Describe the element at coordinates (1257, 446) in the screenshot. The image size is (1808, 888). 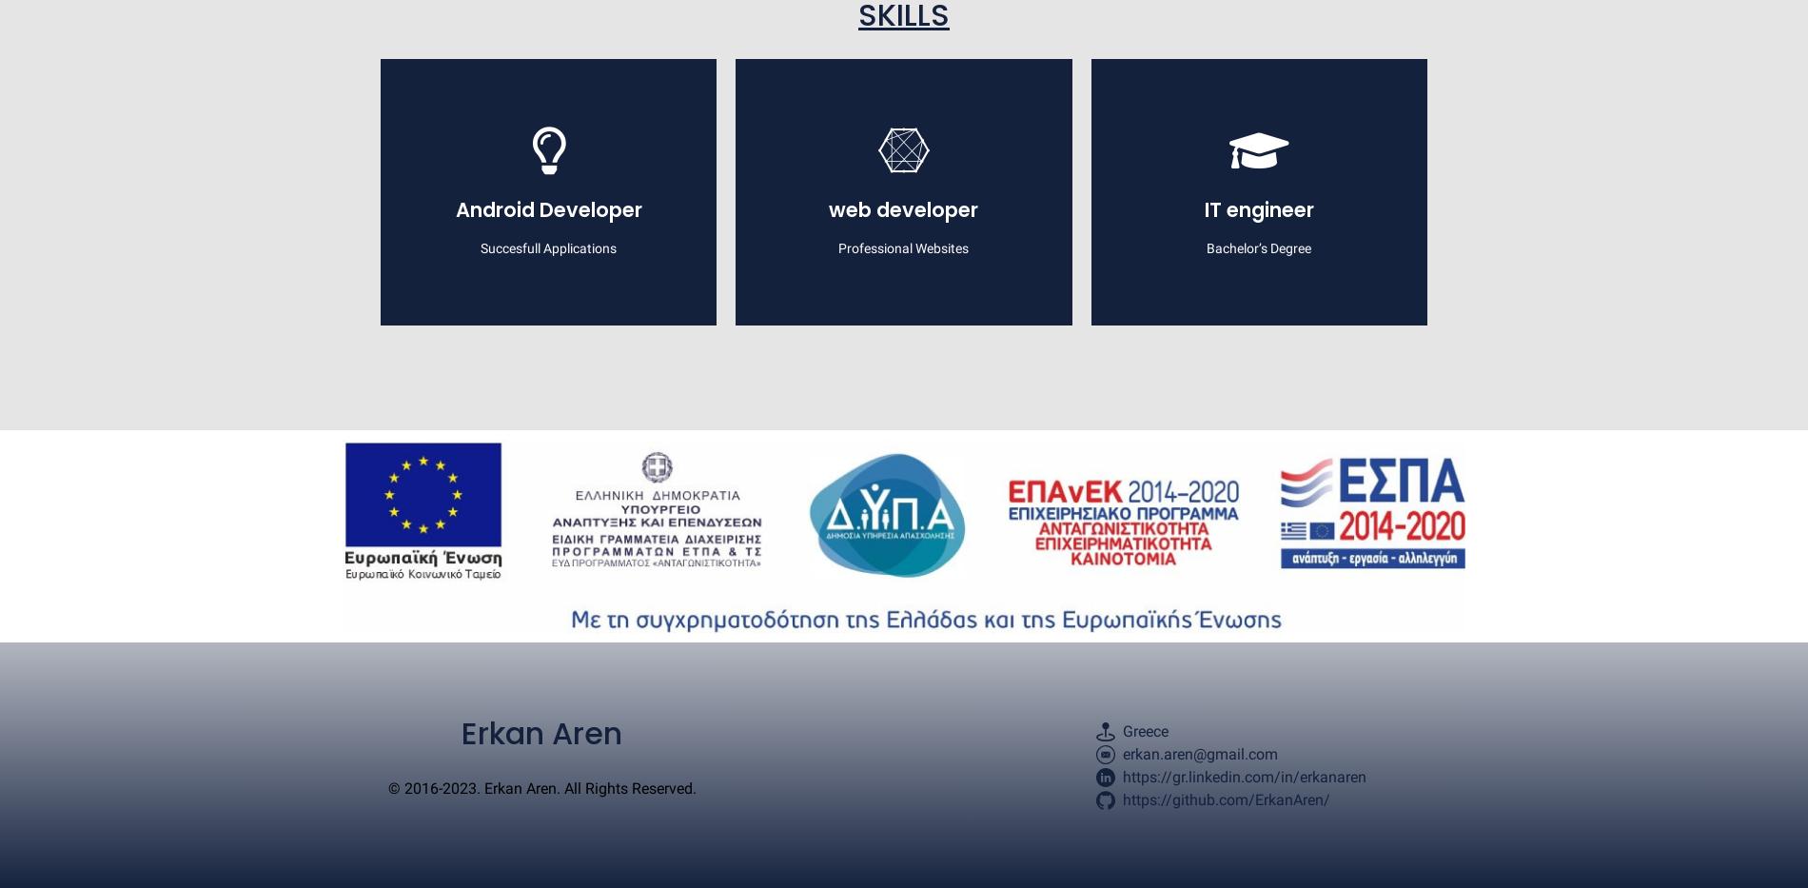
I see `'Artificial Intelligence'` at that location.